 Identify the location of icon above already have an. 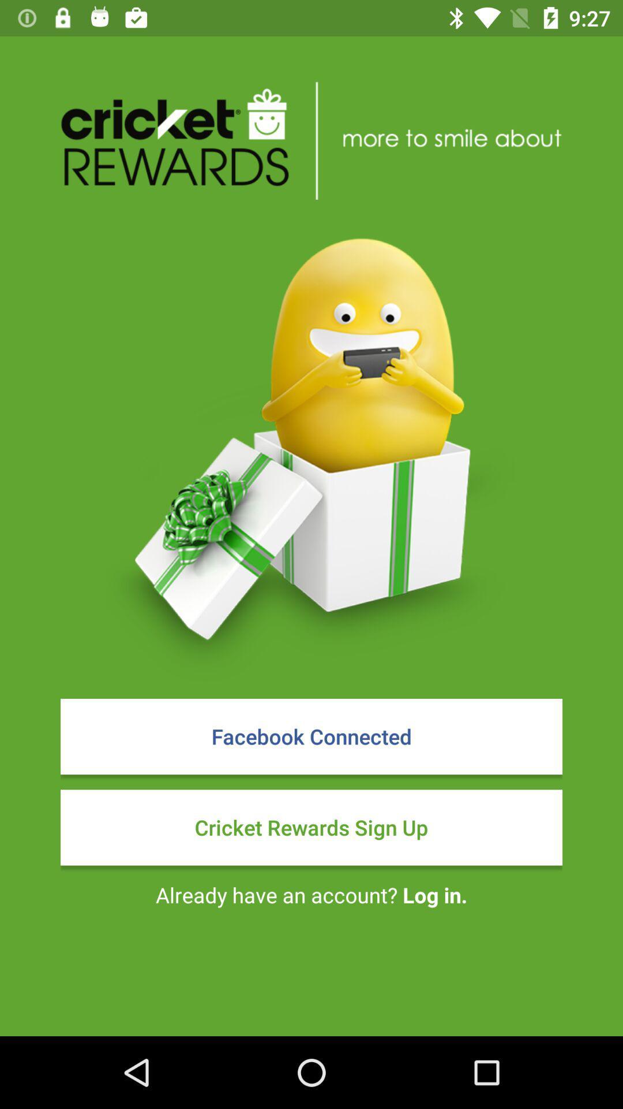
(311, 827).